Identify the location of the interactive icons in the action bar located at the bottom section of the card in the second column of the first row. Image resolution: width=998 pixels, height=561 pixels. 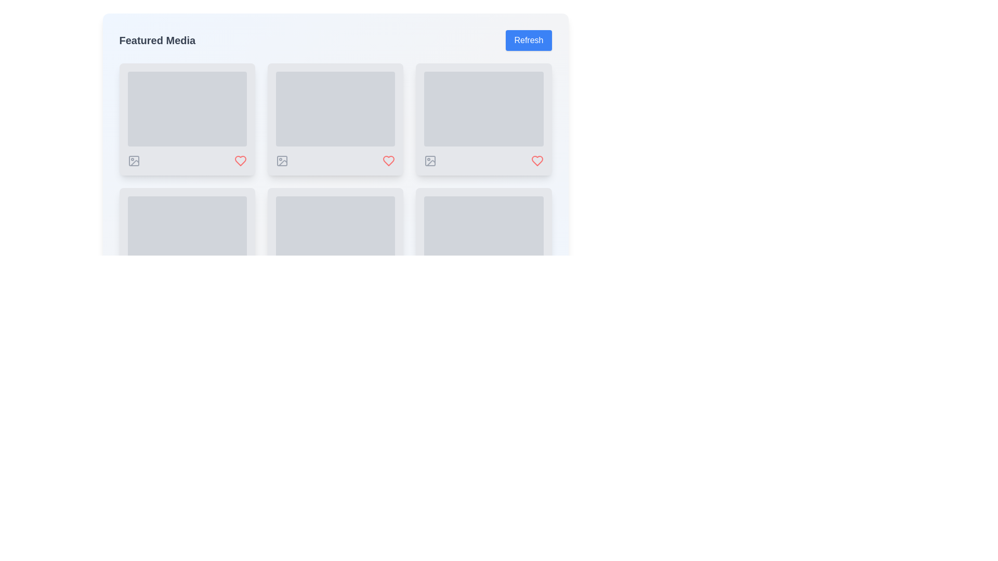
(187, 161).